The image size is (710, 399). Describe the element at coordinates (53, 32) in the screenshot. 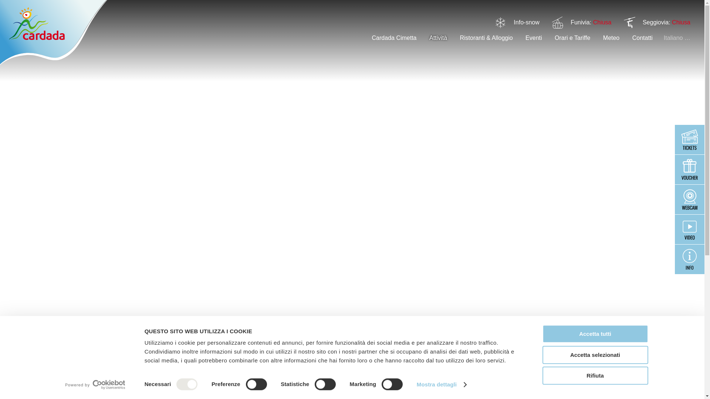

I see `'Cardada'` at that location.